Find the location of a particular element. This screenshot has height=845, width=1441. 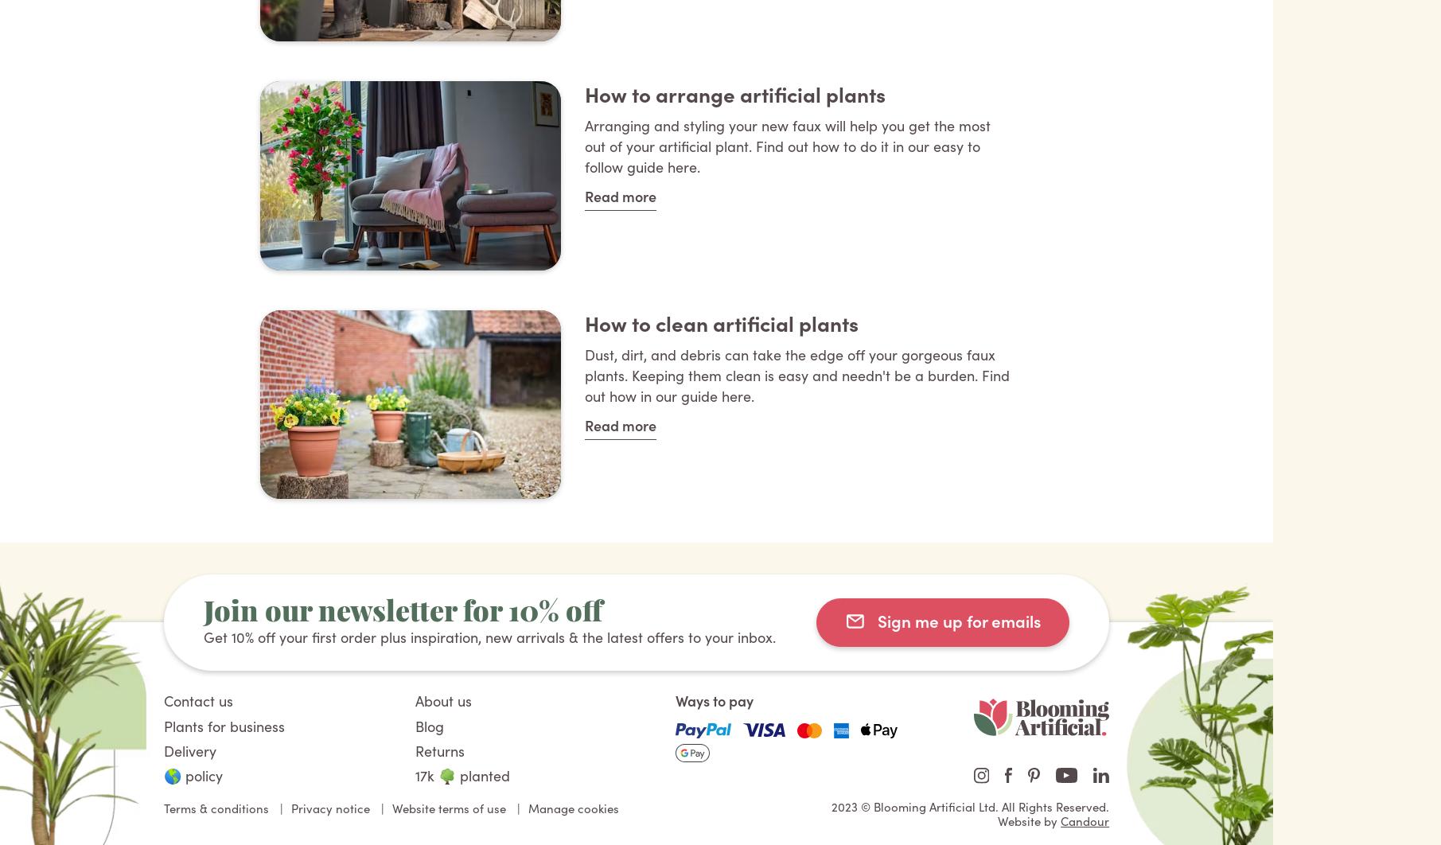

'Join our newsletter for 10% off' is located at coordinates (202, 613).